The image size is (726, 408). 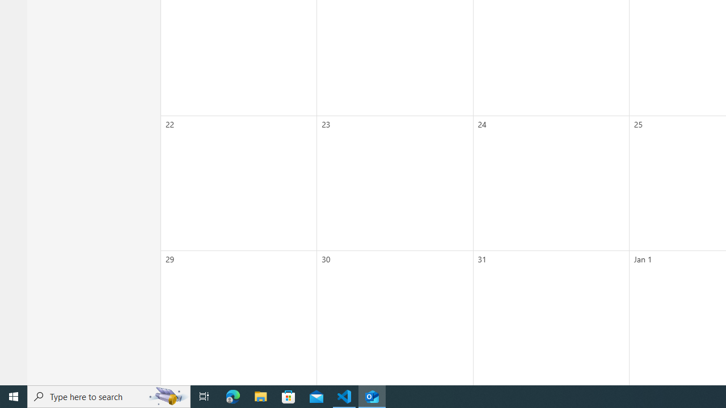 What do you see at coordinates (372, 396) in the screenshot?
I see `'Outlook (new) - 1 running window'` at bounding box center [372, 396].